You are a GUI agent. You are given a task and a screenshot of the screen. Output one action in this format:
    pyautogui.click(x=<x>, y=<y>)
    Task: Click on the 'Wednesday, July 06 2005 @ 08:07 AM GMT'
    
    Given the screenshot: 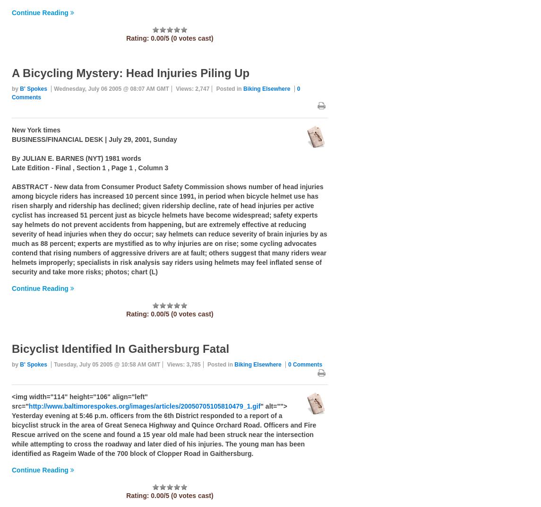 What is the action you would take?
    pyautogui.click(x=111, y=88)
    